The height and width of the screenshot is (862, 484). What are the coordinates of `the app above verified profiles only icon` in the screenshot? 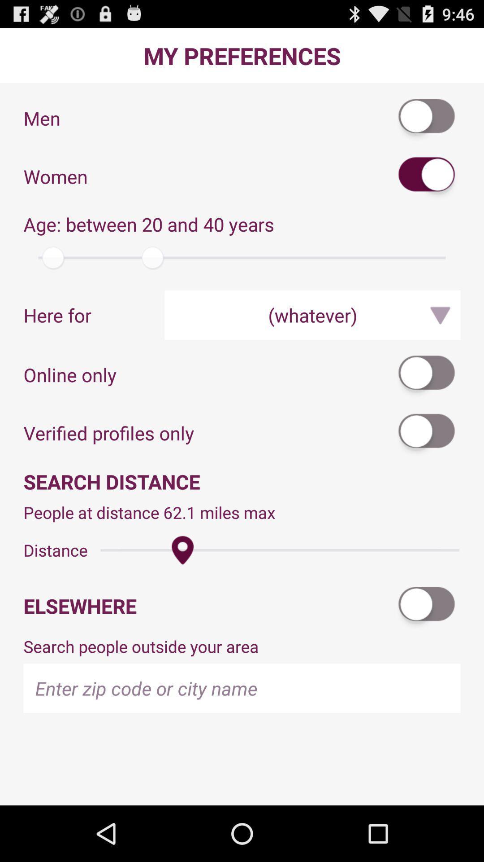 It's located at (427, 374).